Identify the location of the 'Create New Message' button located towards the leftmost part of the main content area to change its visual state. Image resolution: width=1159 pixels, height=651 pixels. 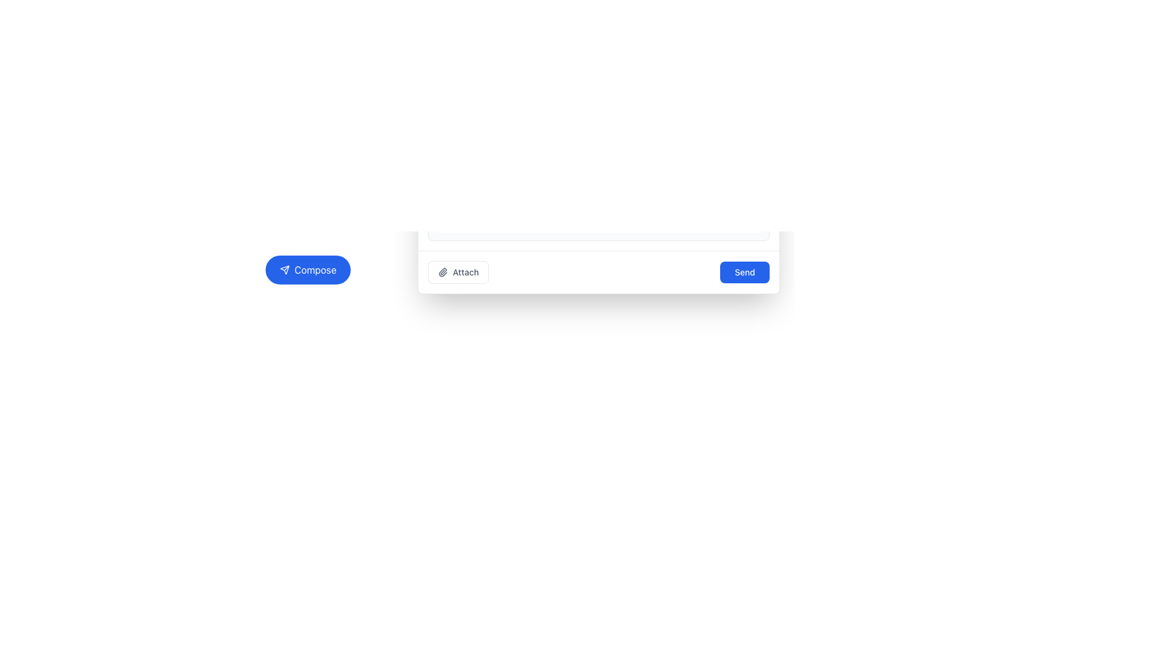
(308, 269).